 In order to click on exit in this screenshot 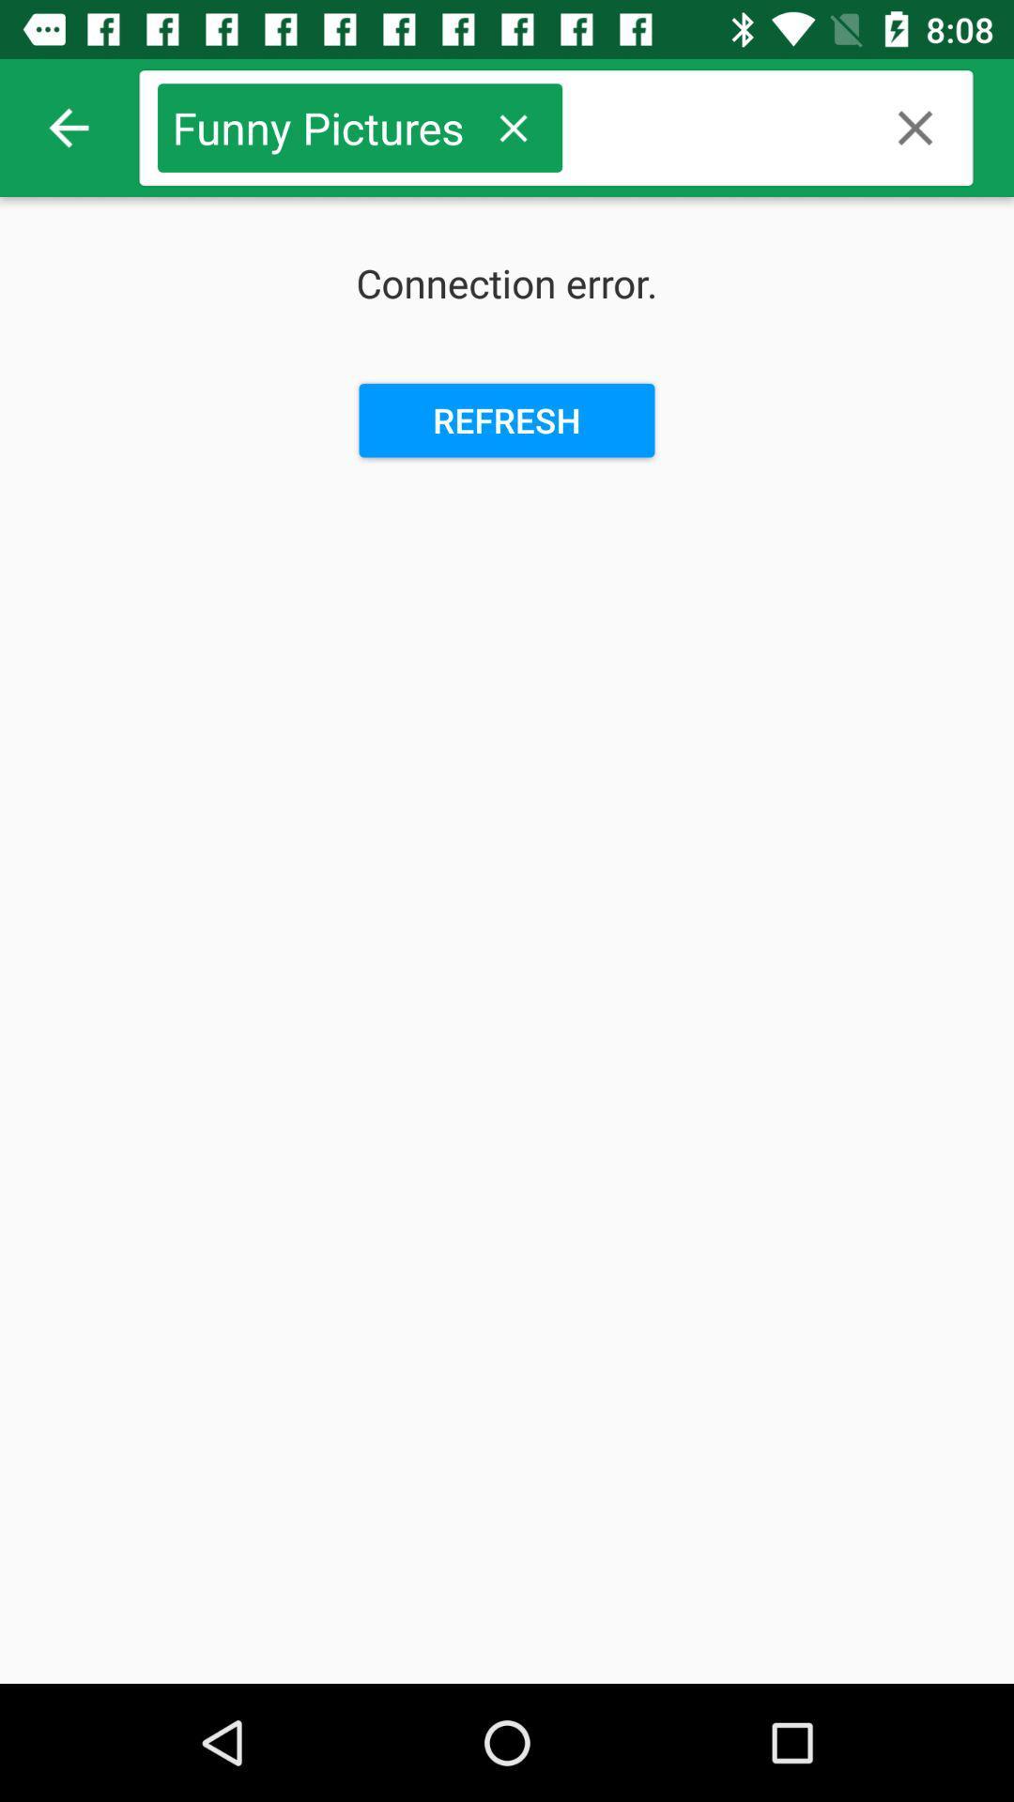, I will do `click(914, 127)`.